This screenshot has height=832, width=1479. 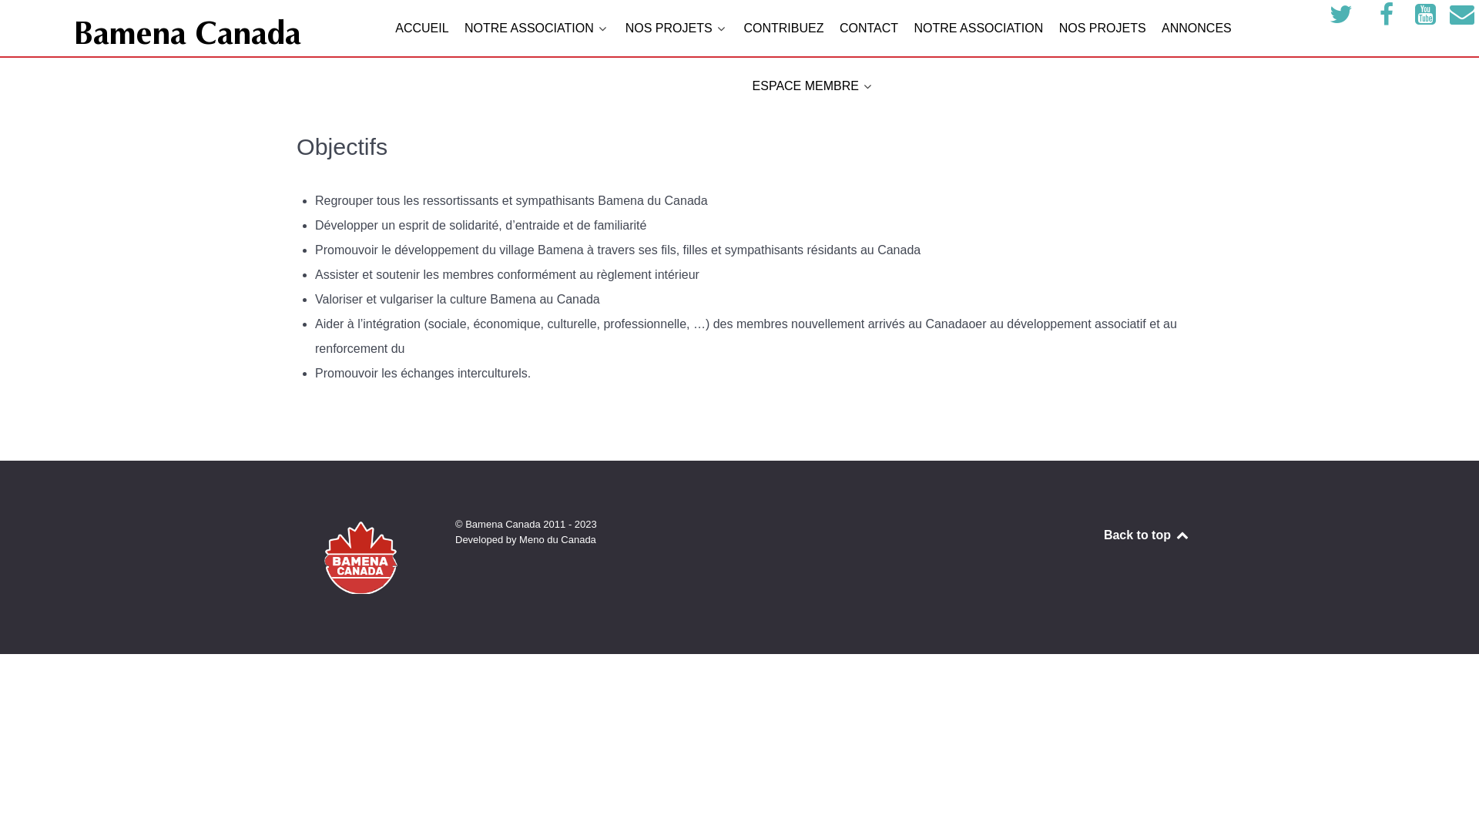 I want to click on 'Bamena Canada', so click(x=359, y=557).